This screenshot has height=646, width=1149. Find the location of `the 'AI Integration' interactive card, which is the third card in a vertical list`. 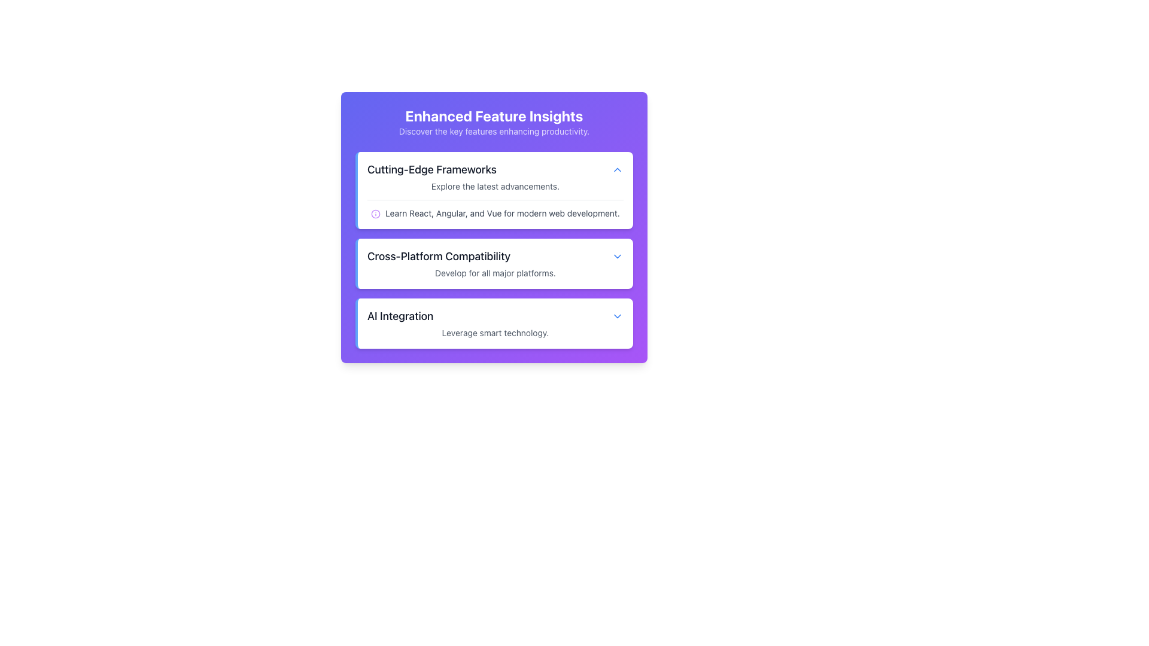

the 'AI Integration' interactive card, which is the third card in a vertical list is located at coordinates (494, 323).